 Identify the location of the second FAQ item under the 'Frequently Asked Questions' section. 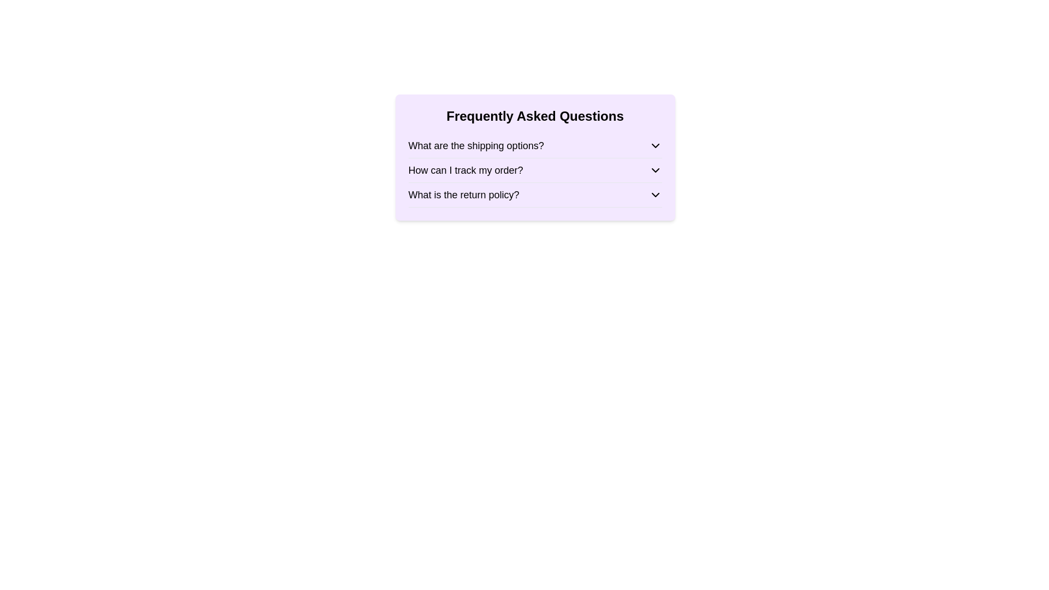
(535, 170).